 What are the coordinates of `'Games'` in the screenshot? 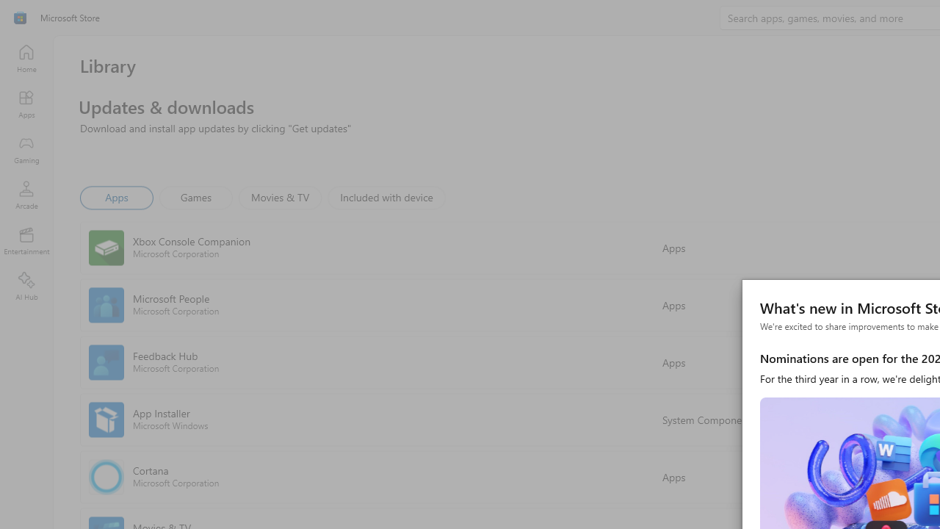 It's located at (195, 196).